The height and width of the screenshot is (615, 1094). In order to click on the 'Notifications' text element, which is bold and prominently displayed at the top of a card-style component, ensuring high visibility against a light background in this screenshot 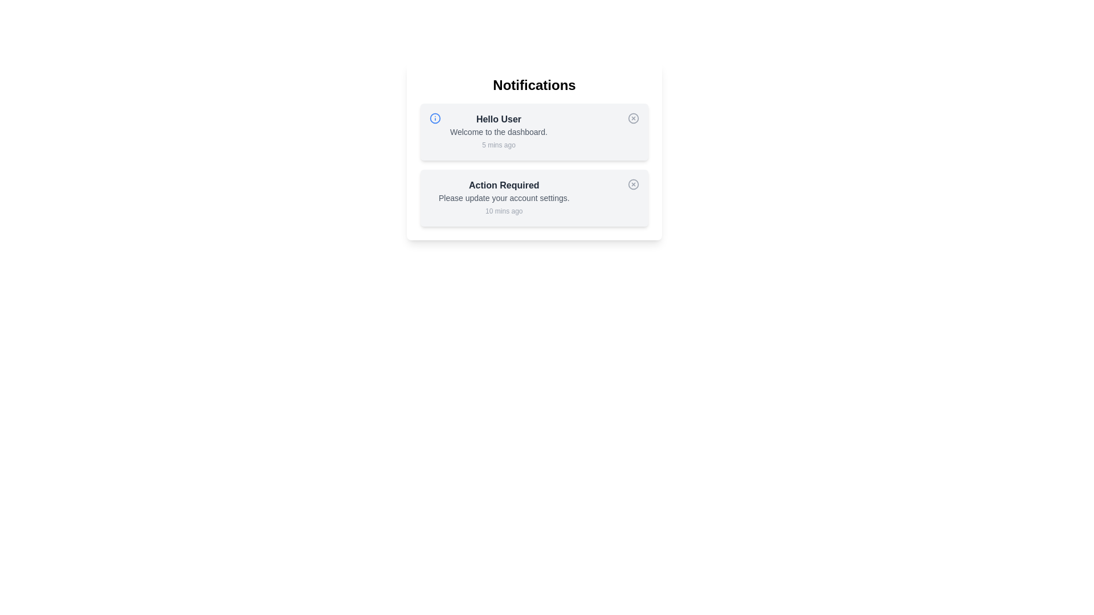, I will do `click(533, 85)`.